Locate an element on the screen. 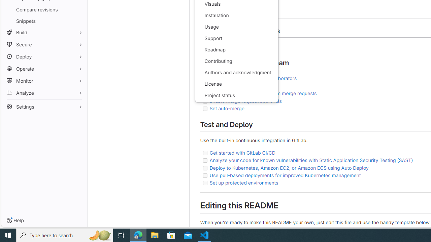 The image size is (431, 242). 'Automatically close issues from merge requests' is located at coordinates (263, 93).